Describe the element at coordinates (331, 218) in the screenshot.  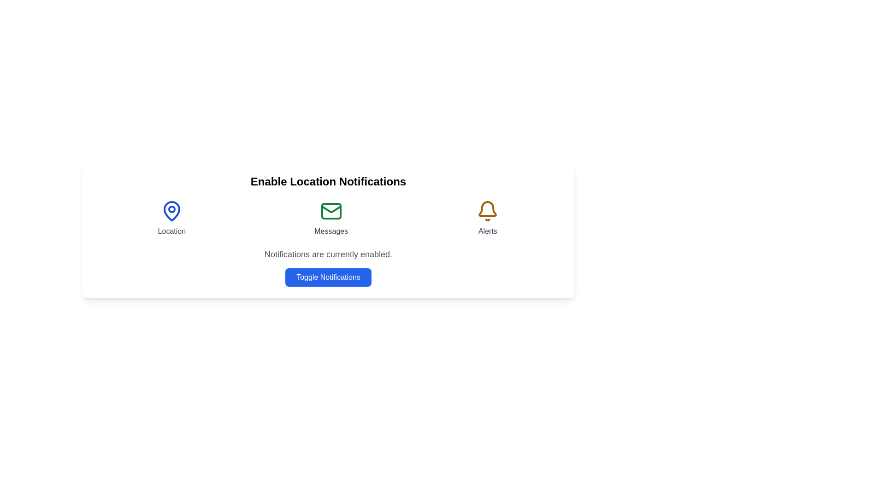
I see `the Navigation Button` at that location.